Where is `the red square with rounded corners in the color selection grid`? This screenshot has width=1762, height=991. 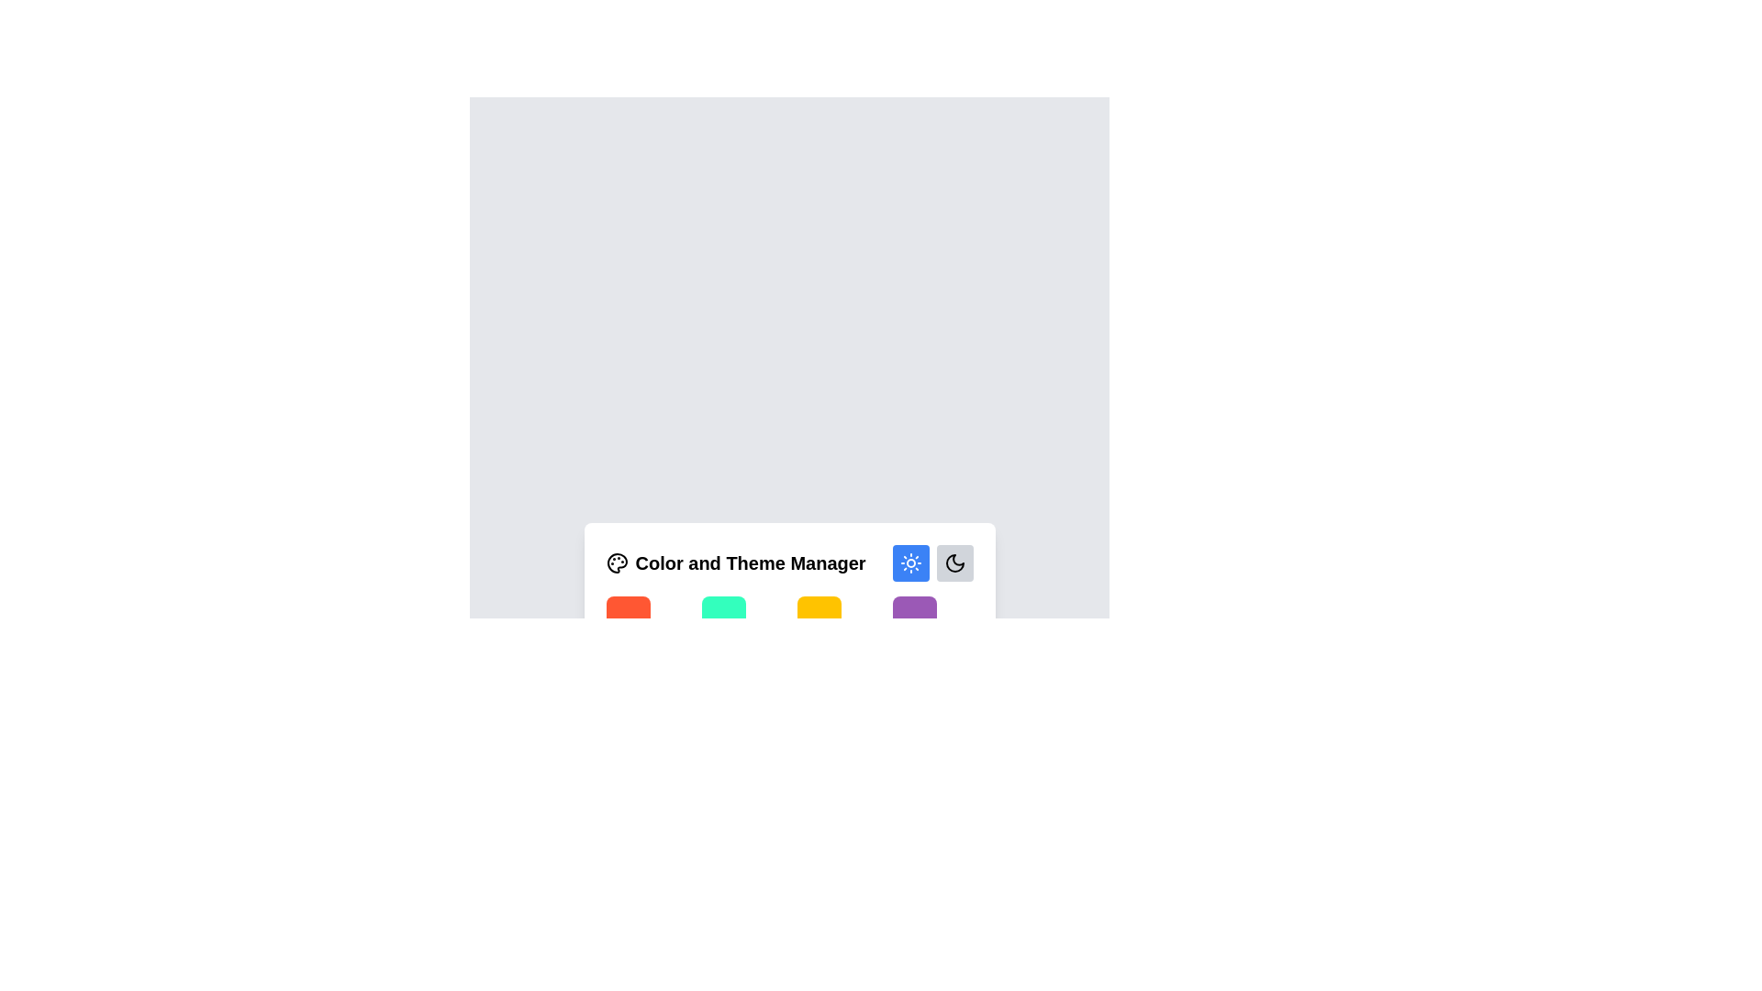
the red square with rounded corners in the color selection grid is located at coordinates (628, 618).